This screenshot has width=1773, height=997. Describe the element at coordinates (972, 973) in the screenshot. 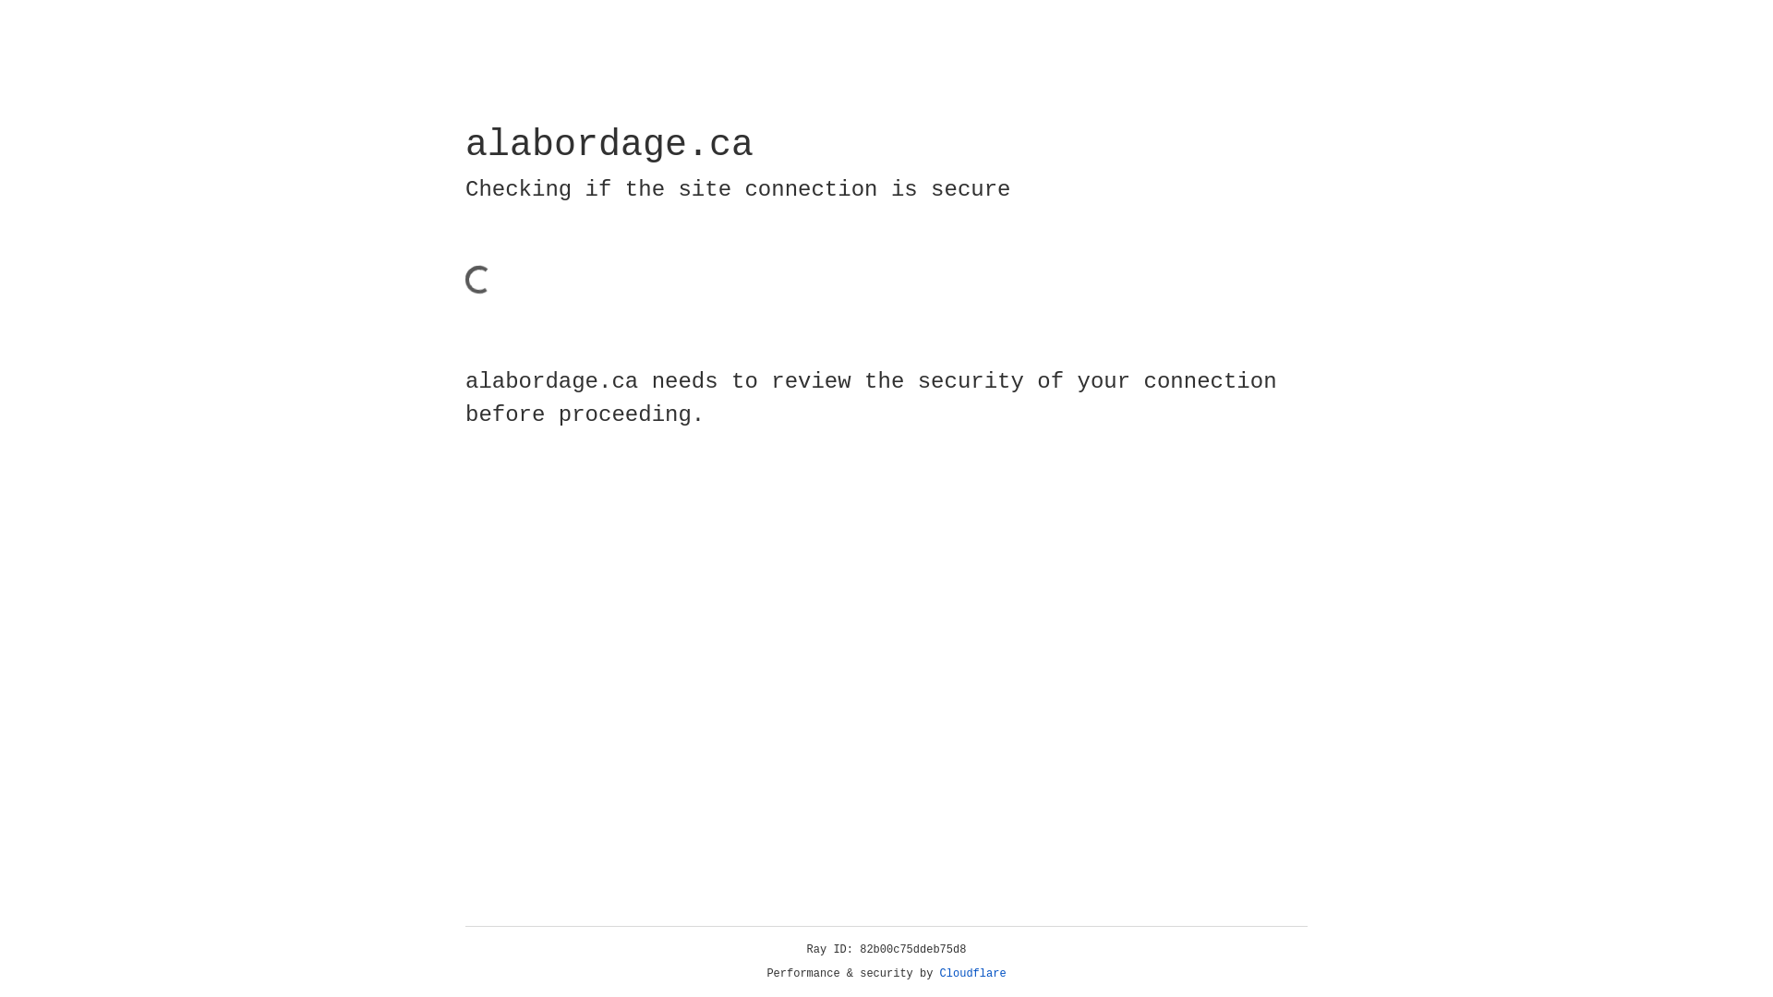

I see `'Cloudflare'` at that location.